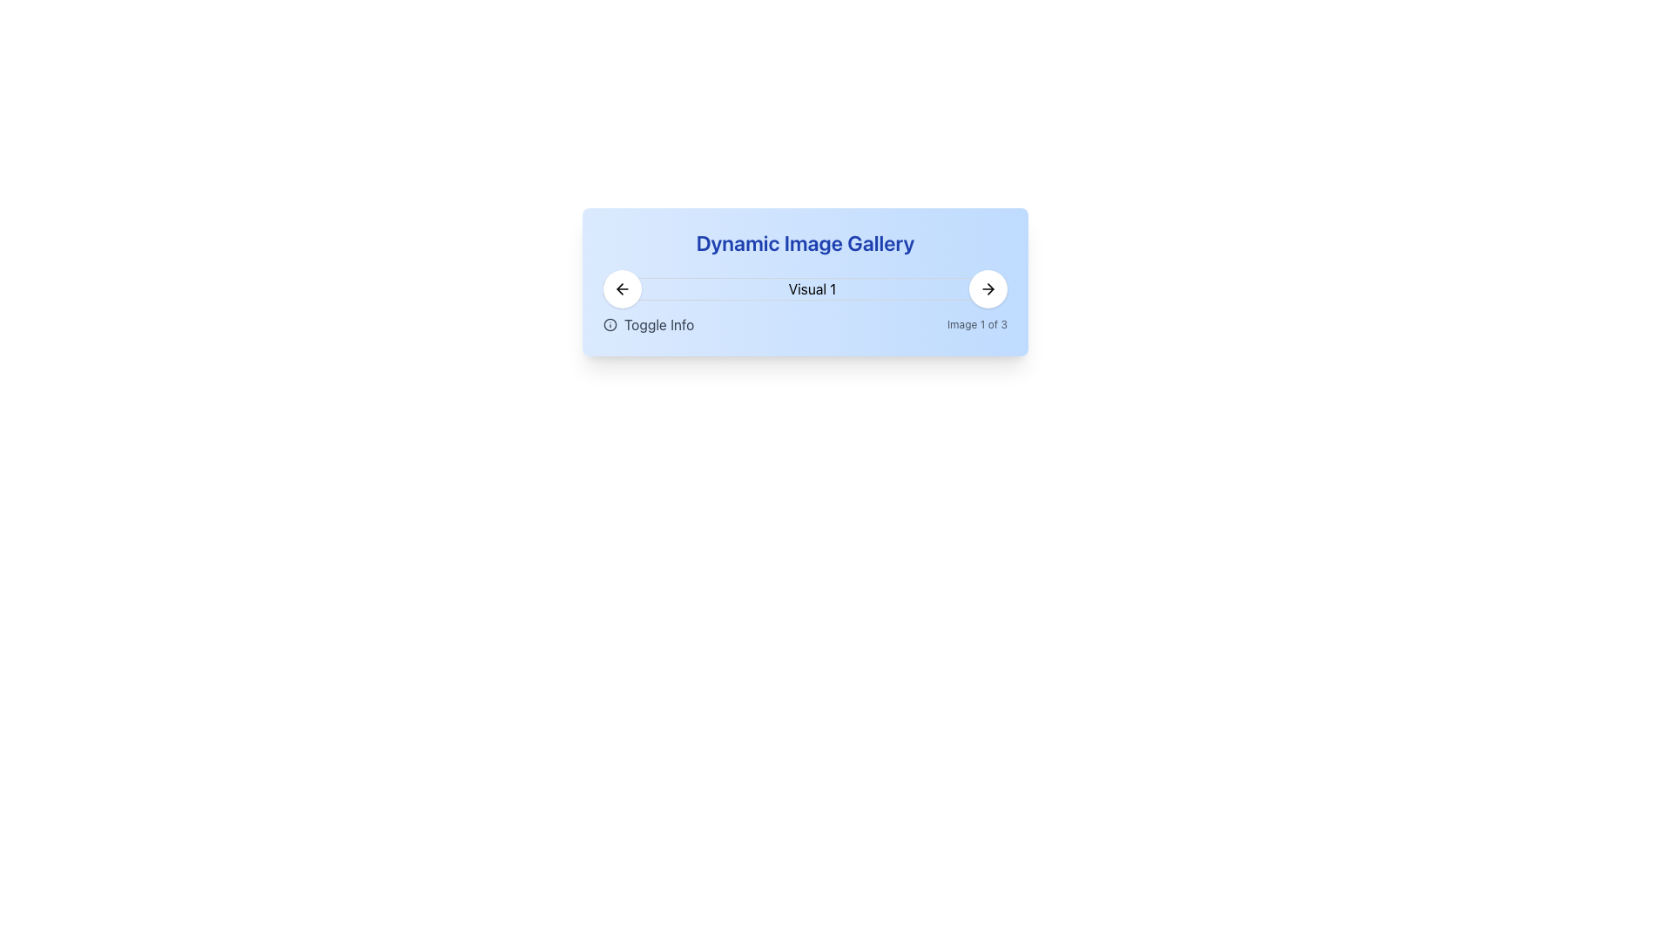 The width and height of the screenshot is (1672, 941). Describe the element at coordinates (623, 288) in the screenshot. I see `the small black arrow icon pointing to the left within the circular white button on the left side of the 'Dynamic Image Gallery' navigation bar` at that location.